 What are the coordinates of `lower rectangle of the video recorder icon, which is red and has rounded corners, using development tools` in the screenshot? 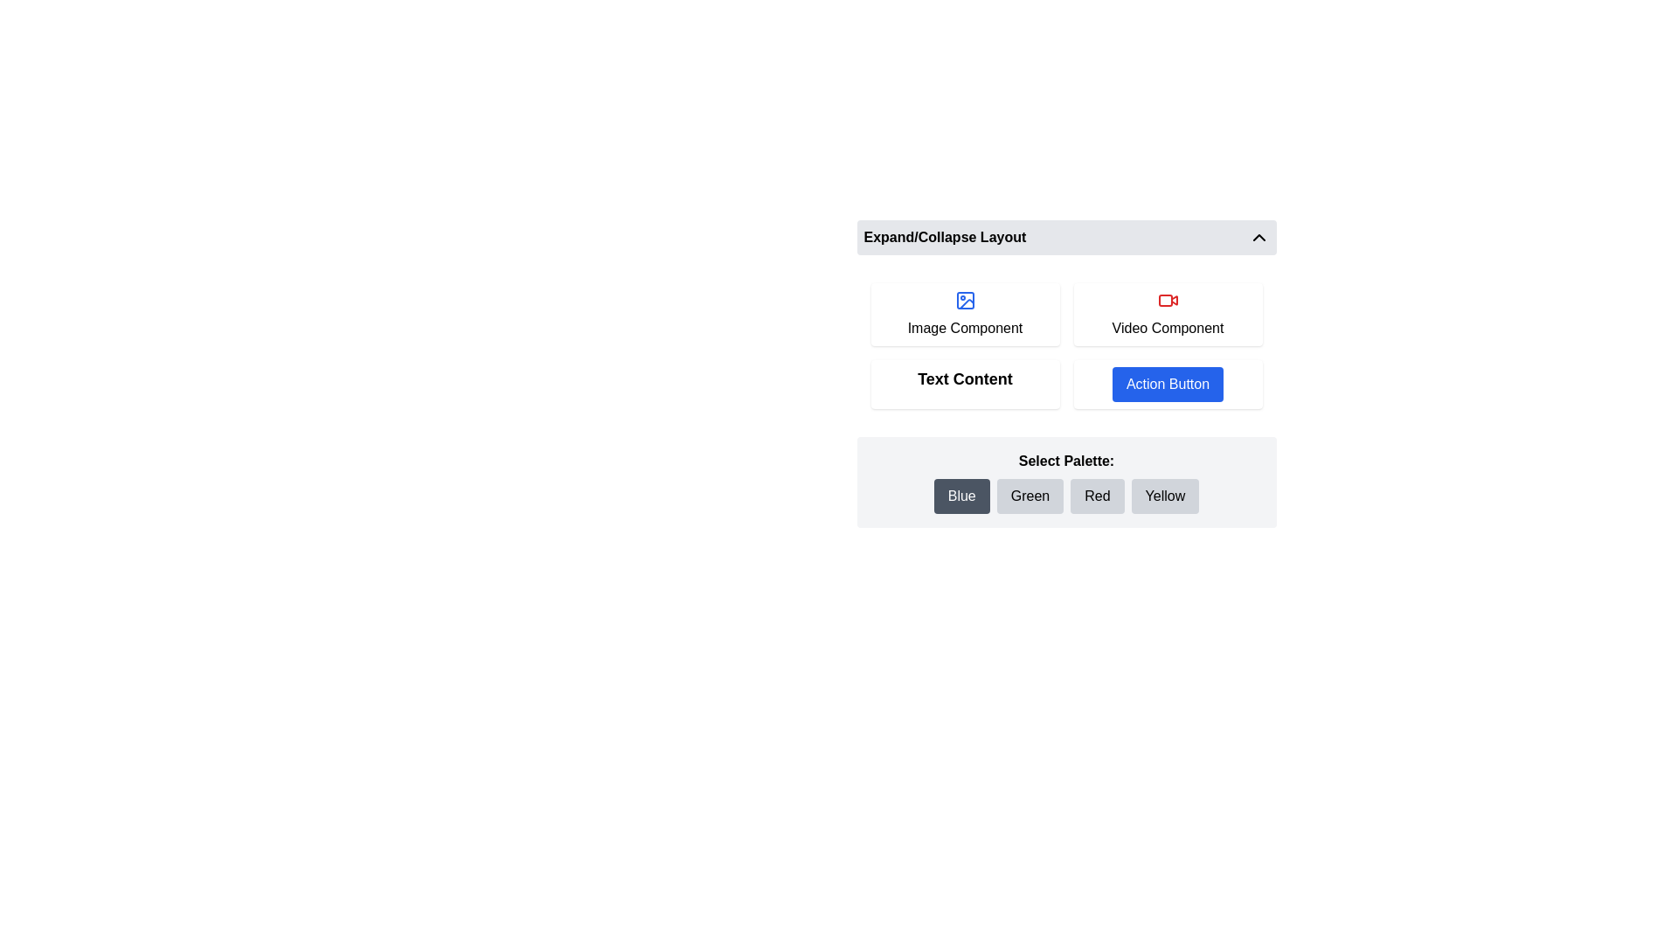 It's located at (1165, 299).